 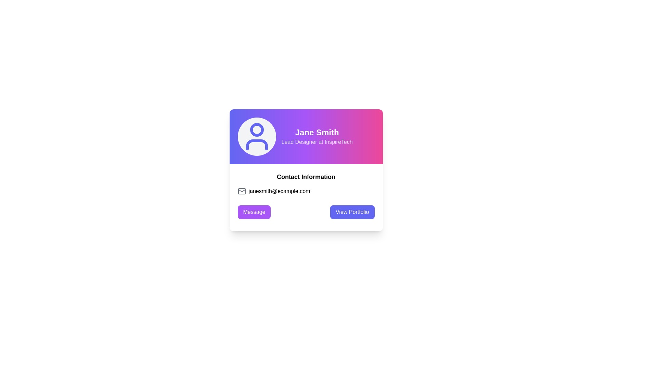 I want to click on the email information icon located to the left of the email address 'janesmith@example.com' in the email information section, so click(x=242, y=191).